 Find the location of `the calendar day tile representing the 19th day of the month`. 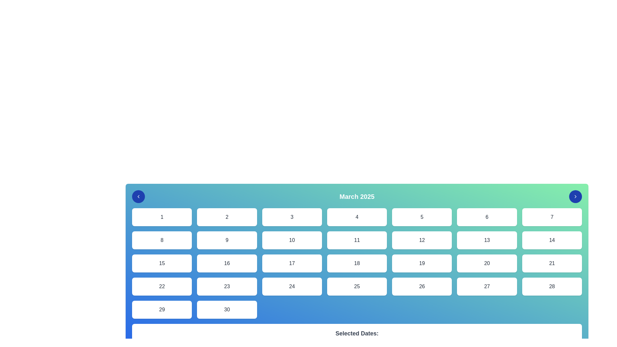

the calendar day tile representing the 19th day of the month is located at coordinates (422, 263).